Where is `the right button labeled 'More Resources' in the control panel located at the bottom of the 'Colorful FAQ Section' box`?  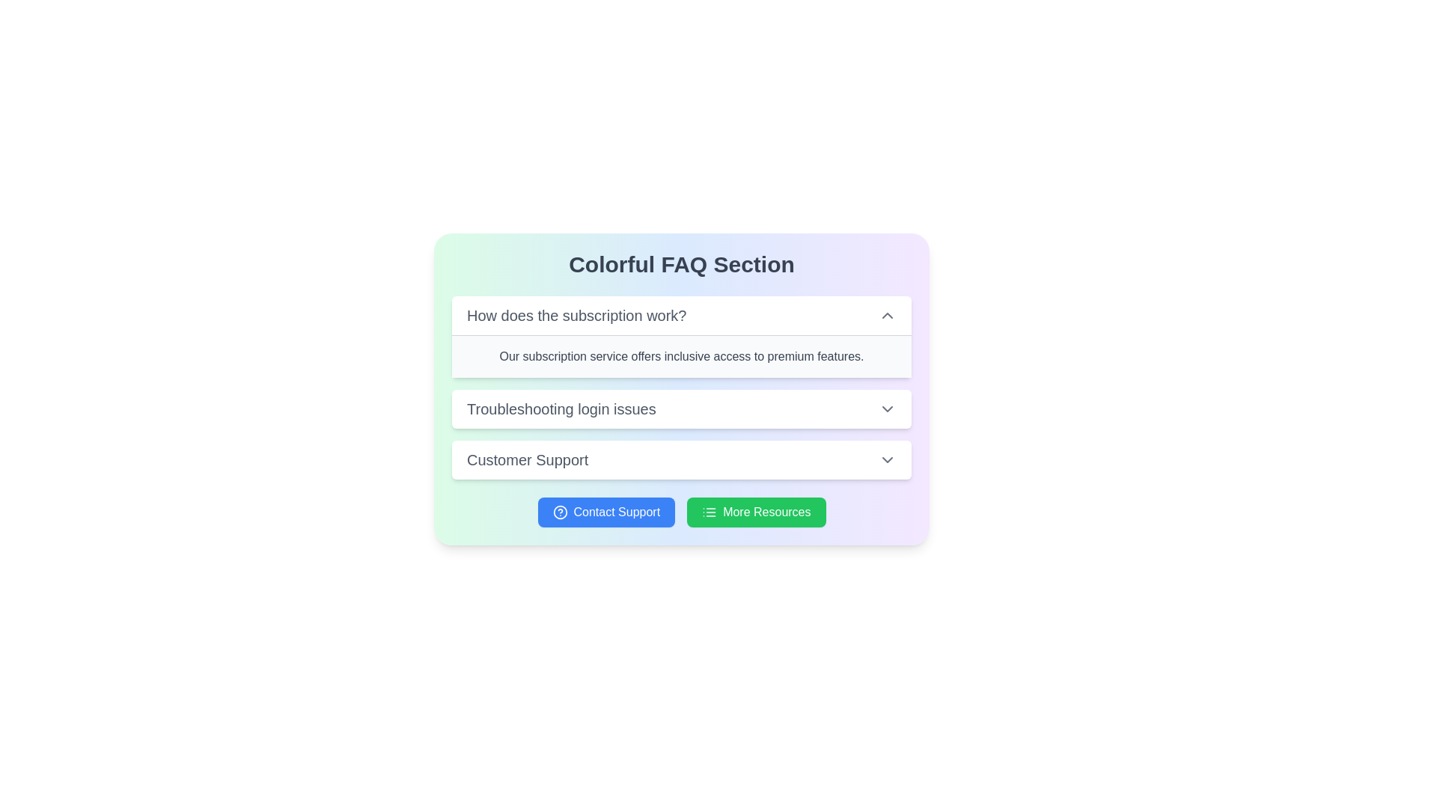 the right button labeled 'More Resources' in the control panel located at the bottom of the 'Colorful FAQ Section' box is located at coordinates (681, 512).